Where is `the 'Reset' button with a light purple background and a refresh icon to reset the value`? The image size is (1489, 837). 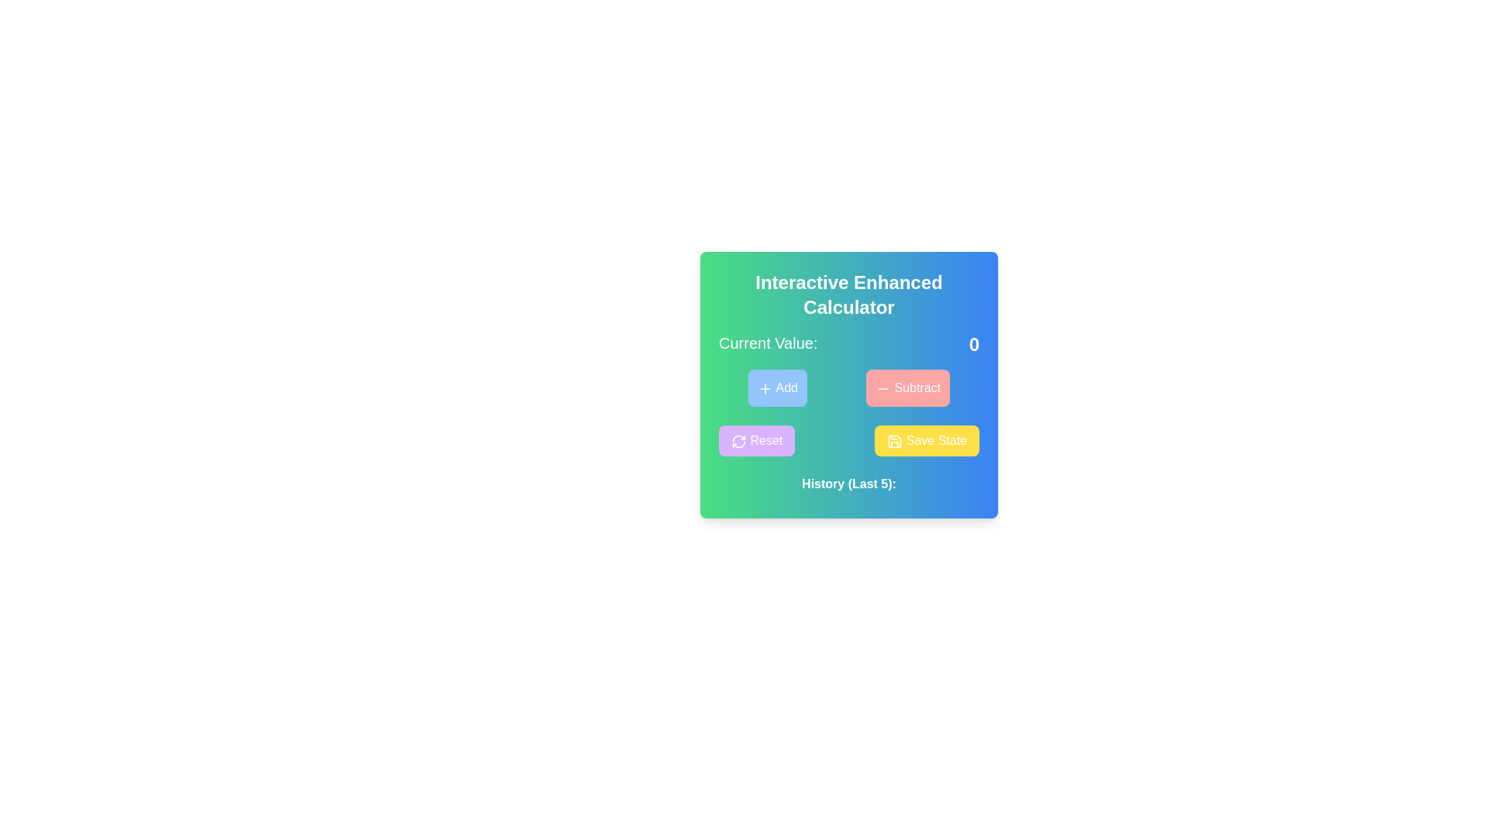
the 'Reset' button with a light purple background and a refresh icon to reset the value is located at coordinates (757, 441).